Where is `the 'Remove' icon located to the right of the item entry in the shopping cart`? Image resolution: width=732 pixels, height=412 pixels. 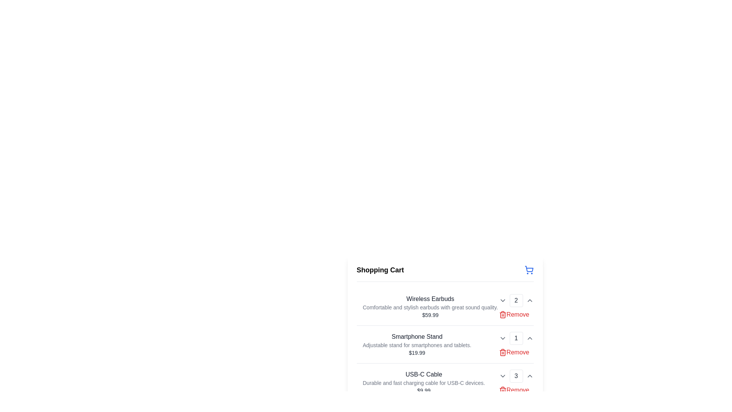
the 'Remove' icon located to the right of the item entry in the shopping cart is located at coordinates (502, 390).